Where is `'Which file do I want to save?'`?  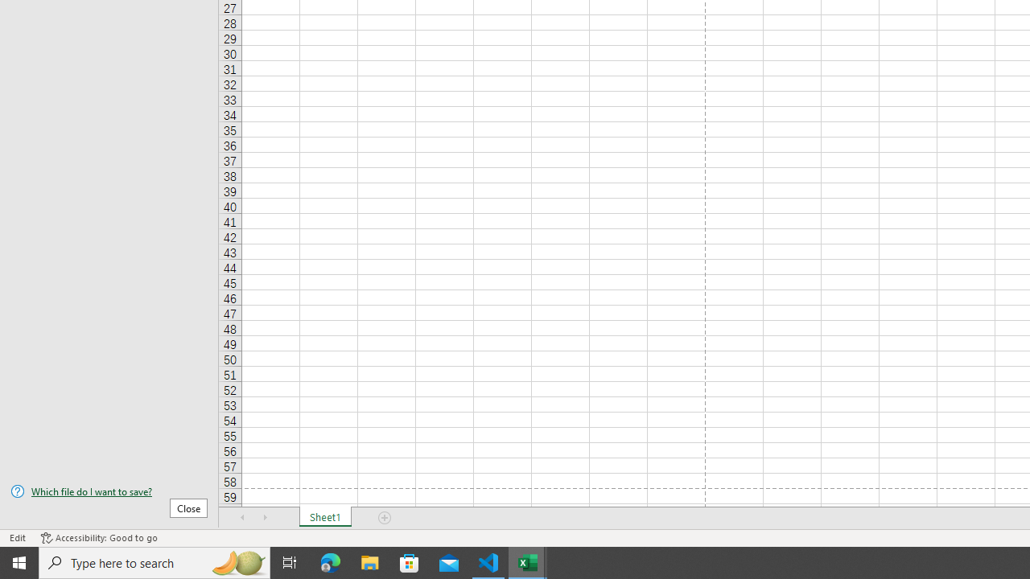
'Which file do I want to save?' is located at coordinates (109, 491).